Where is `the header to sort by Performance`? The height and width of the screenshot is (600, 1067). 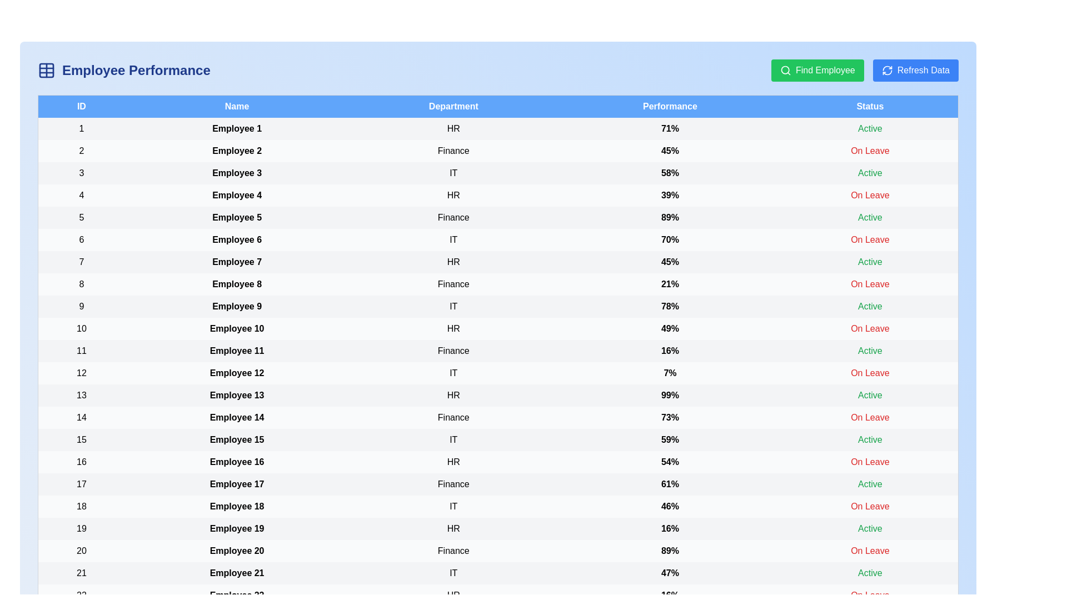
the header to sort by Performance is located at coordinates (669, 106).